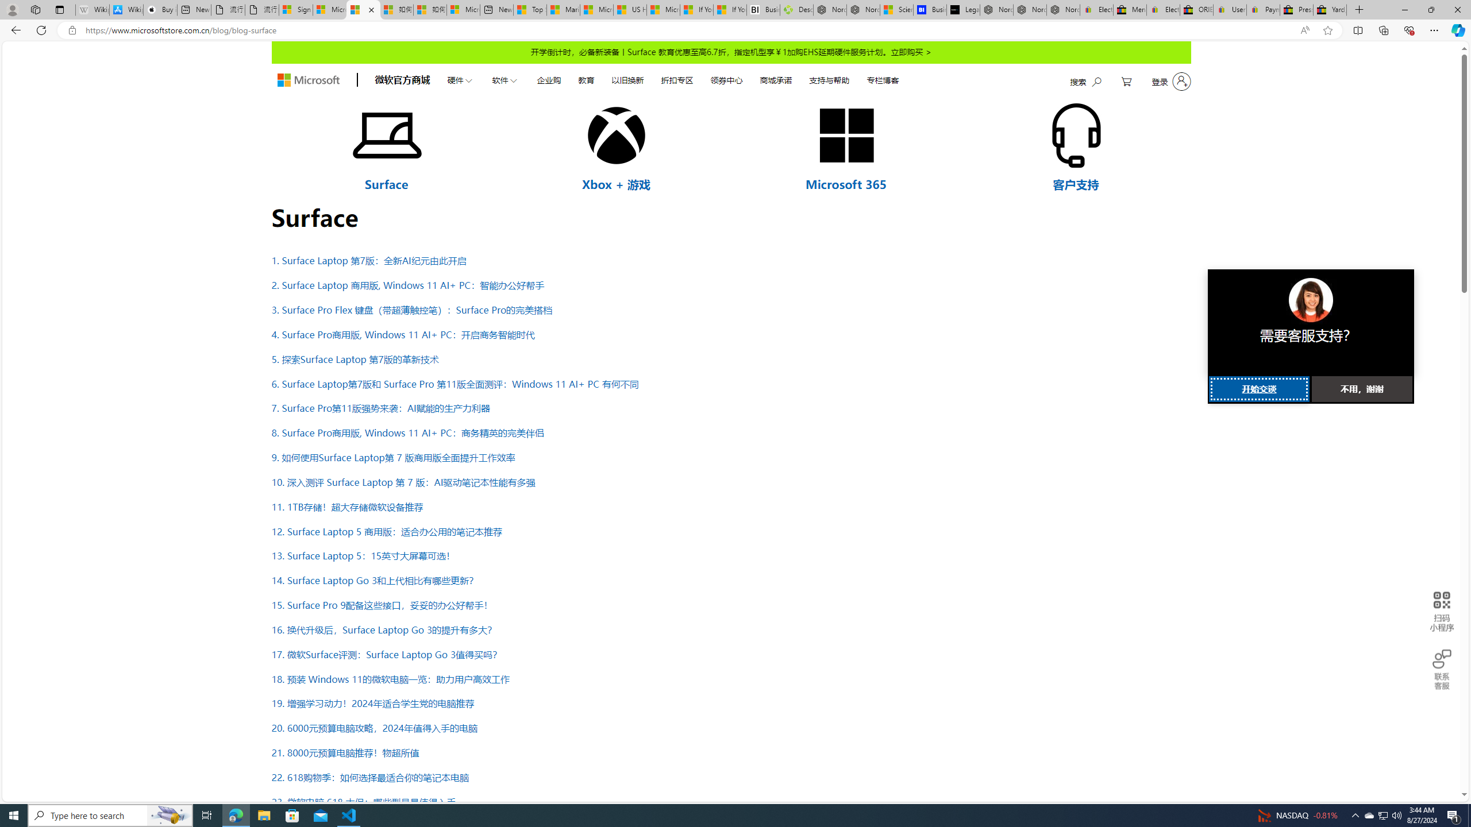 The height and width of the screenshot is (827, 1471). What do you see at coordinates (1330, 9) in the screenshot?
I see `'Yard, Garden & Outdoor Living'` at bounding box center [1330, 9].